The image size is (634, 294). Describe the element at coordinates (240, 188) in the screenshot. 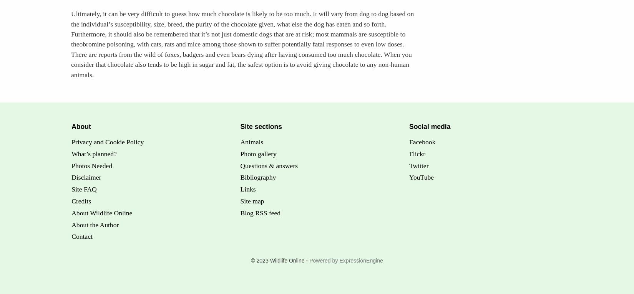

I see `'Links'` at that location.